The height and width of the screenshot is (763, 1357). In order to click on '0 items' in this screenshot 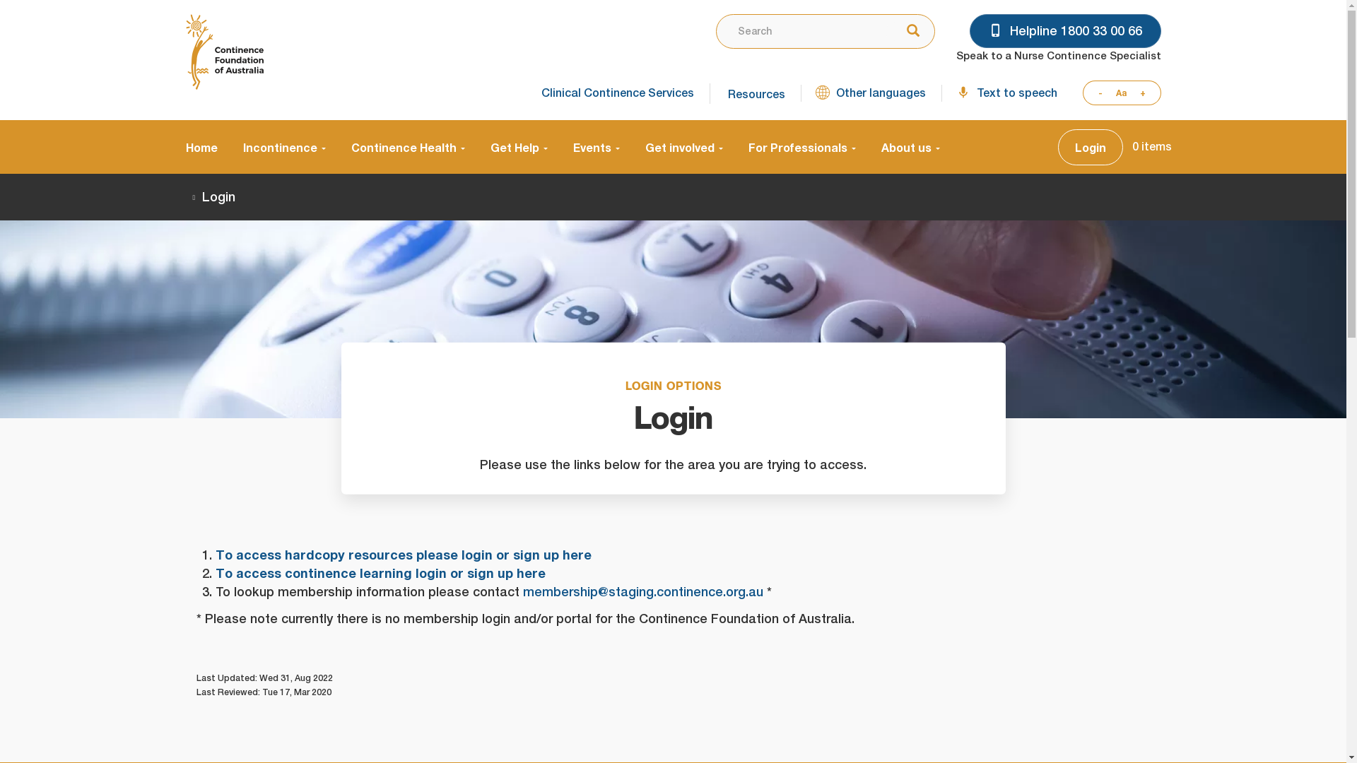, I will do `click(1152, 147)`.